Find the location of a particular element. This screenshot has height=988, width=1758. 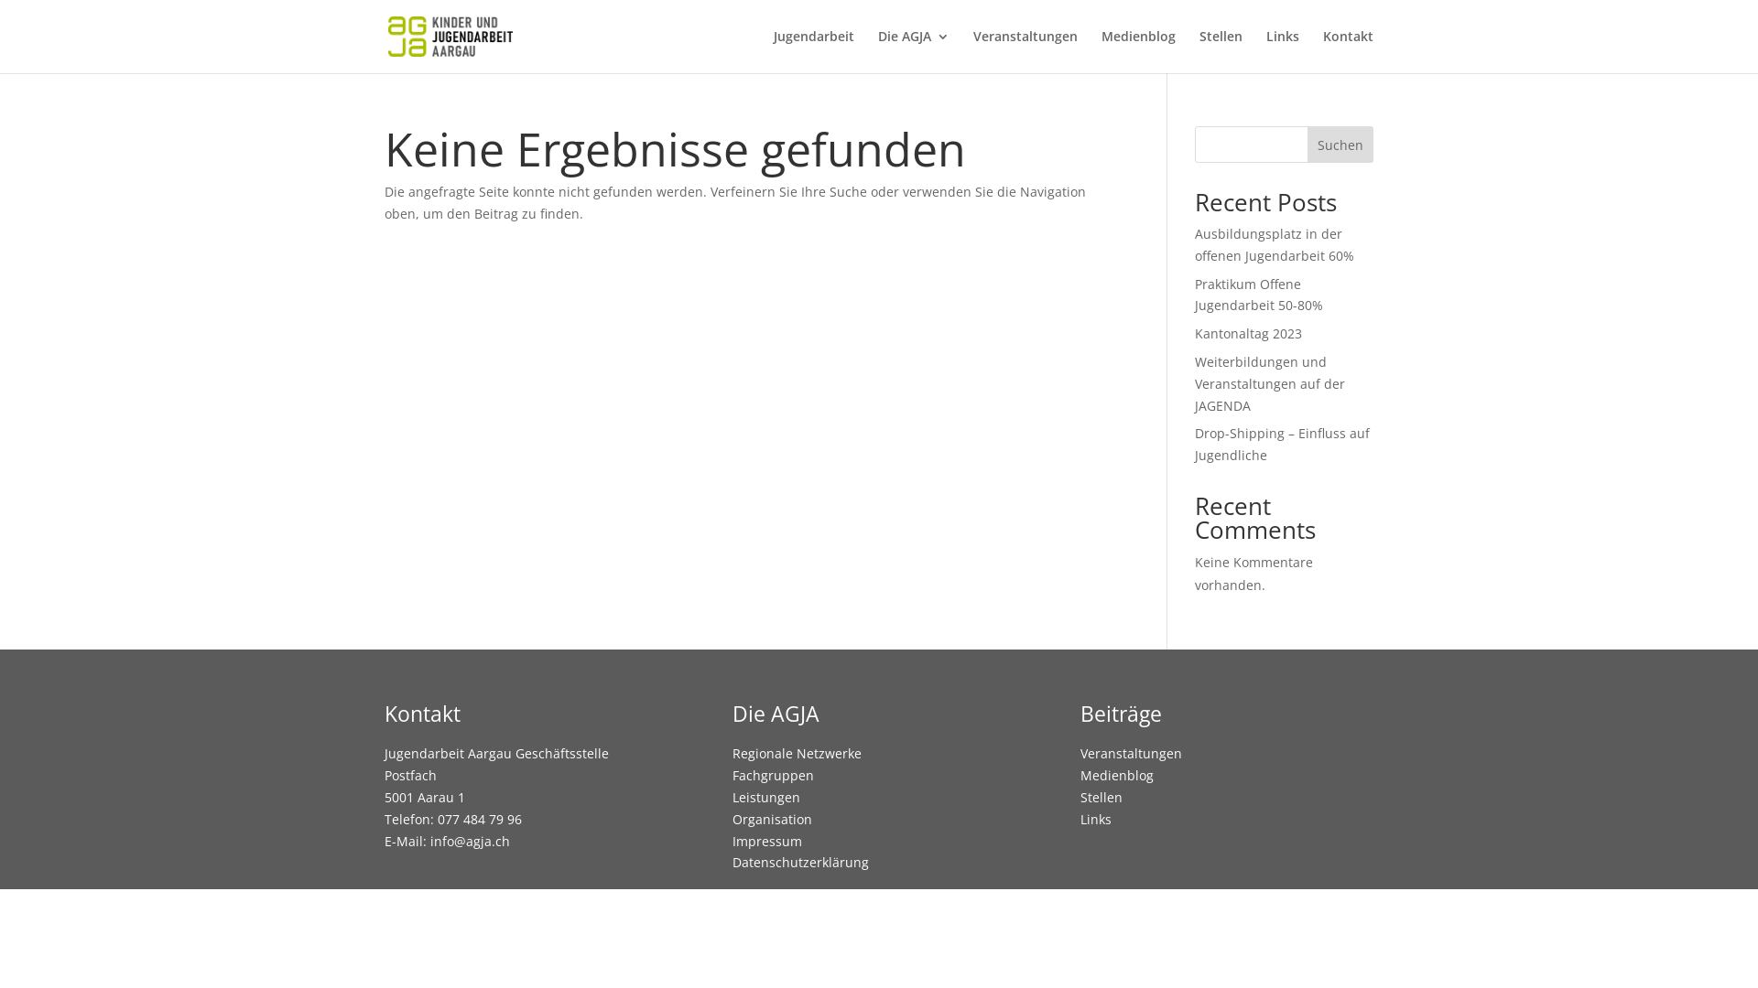

'Regionale Netzwerke' is located at coordinates (797, 753).